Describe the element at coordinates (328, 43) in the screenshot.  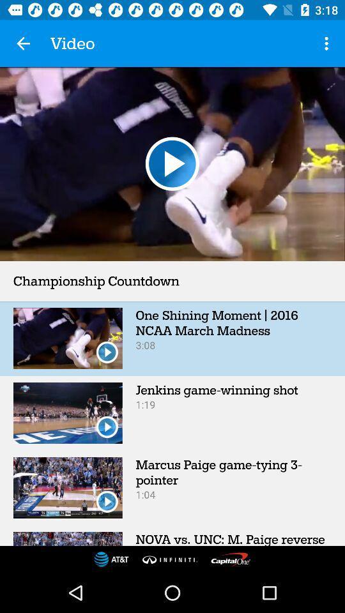
I see `the item to the right of video app` at that location.